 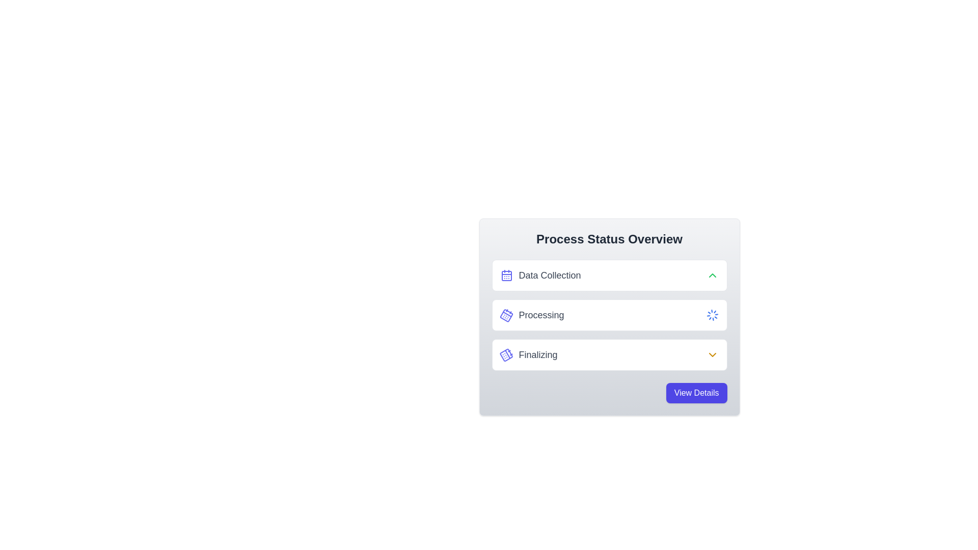 I want to click on the text label displaying 'Data Collection' that is horizontally aligned with a calendar icon within the 'Process Status Overview' card, so click(x=549, y=275).